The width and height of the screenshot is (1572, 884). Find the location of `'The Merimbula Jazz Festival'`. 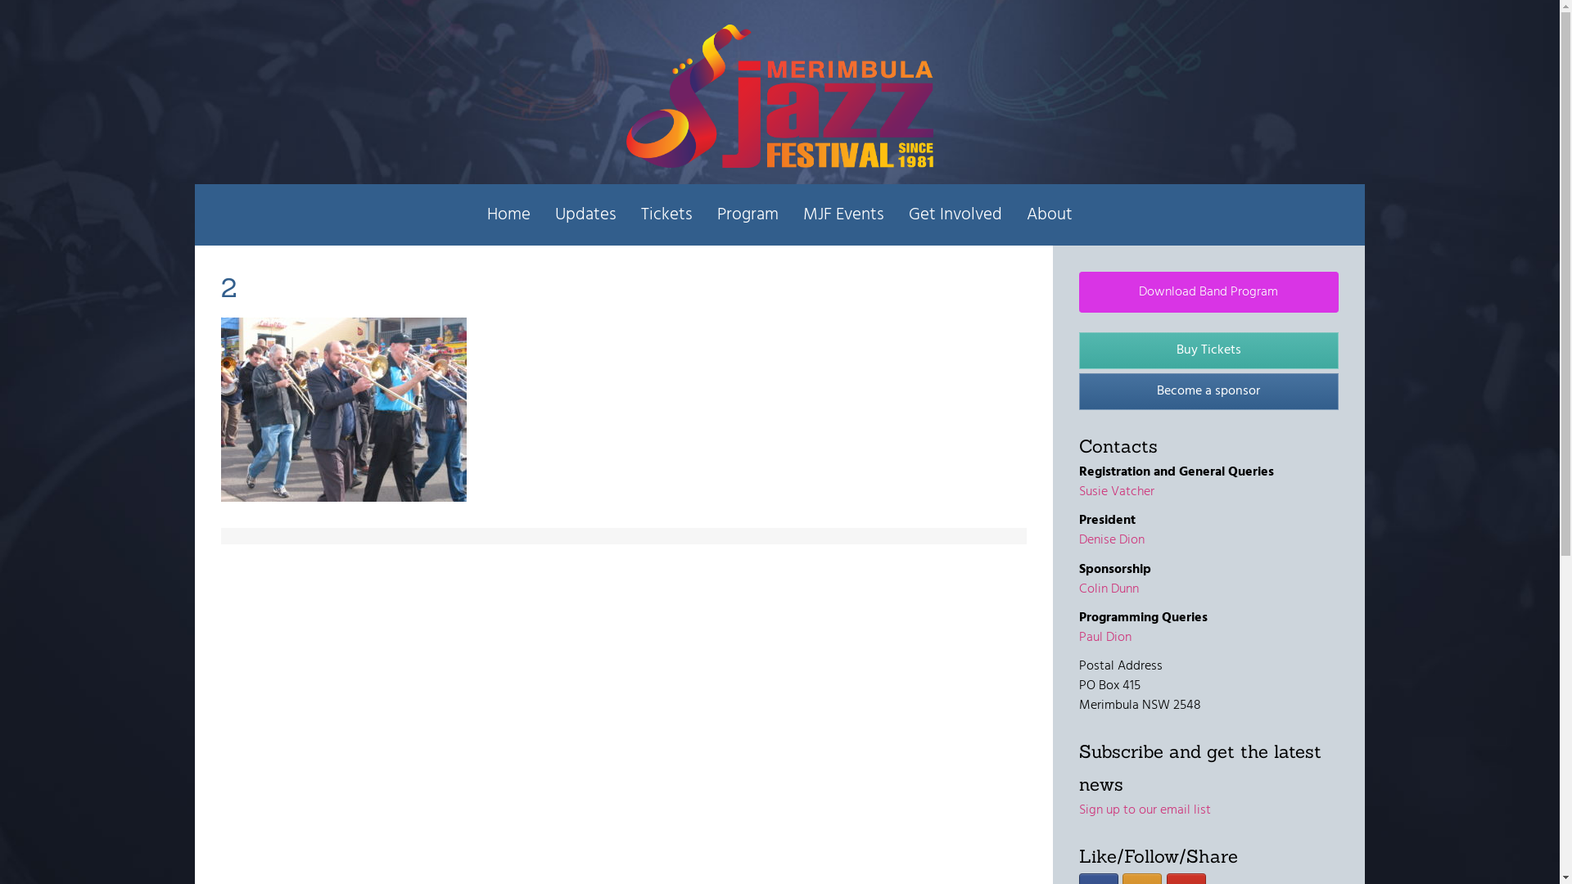

'The Merimbula Jazz Festival' is located at coordinates (779, 96).